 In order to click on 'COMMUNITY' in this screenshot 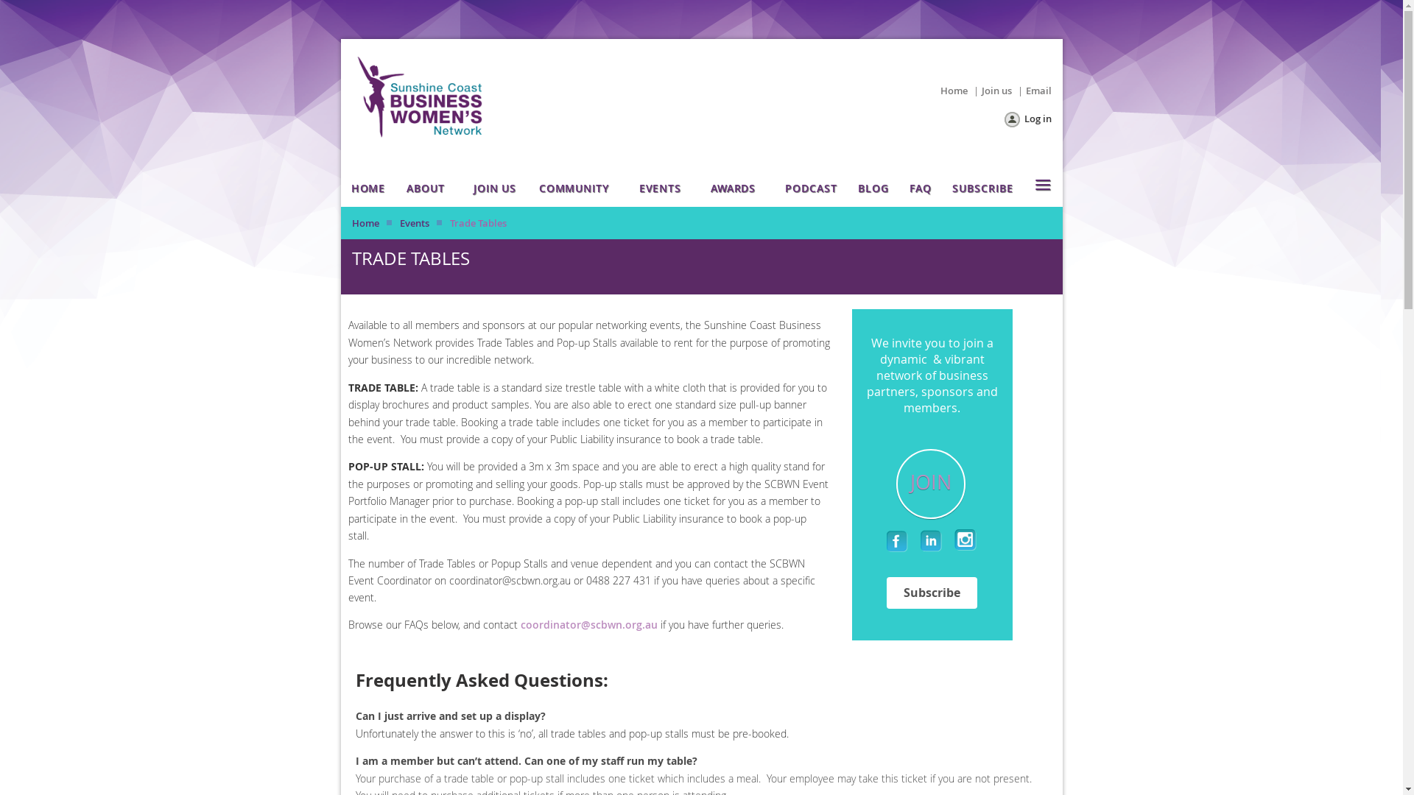, I will do `click(577, 187)`.